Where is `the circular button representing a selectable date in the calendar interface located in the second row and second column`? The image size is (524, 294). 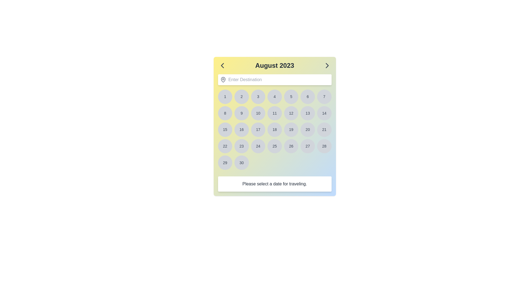 the circular button representing a selectable date in the calendar interface located in the second row and second column is located at coordinates (241, 113).